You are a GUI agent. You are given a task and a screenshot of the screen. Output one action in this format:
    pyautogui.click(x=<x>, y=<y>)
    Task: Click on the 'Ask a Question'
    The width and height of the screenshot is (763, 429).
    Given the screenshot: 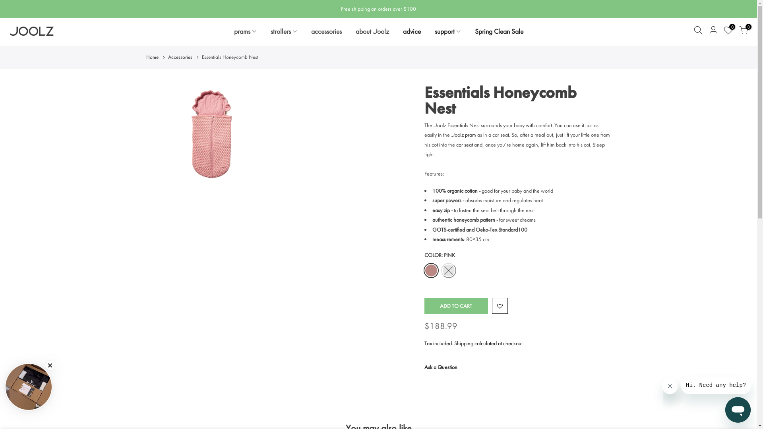 What is the action you would take?
    pyautogui.click(x=440, y=367)
    